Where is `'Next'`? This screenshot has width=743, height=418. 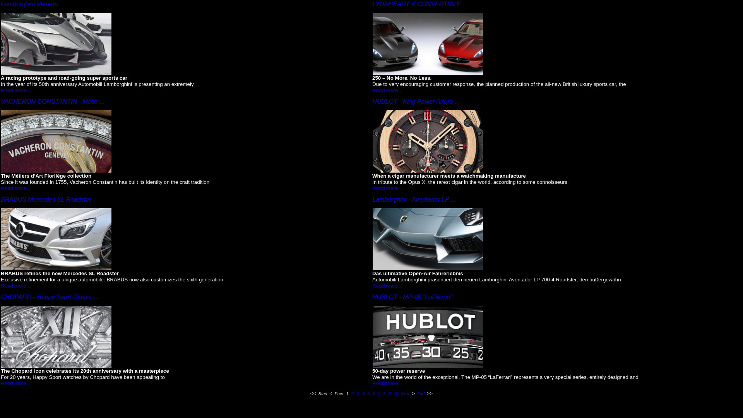
'Next' is located at coordinates (401, 394).